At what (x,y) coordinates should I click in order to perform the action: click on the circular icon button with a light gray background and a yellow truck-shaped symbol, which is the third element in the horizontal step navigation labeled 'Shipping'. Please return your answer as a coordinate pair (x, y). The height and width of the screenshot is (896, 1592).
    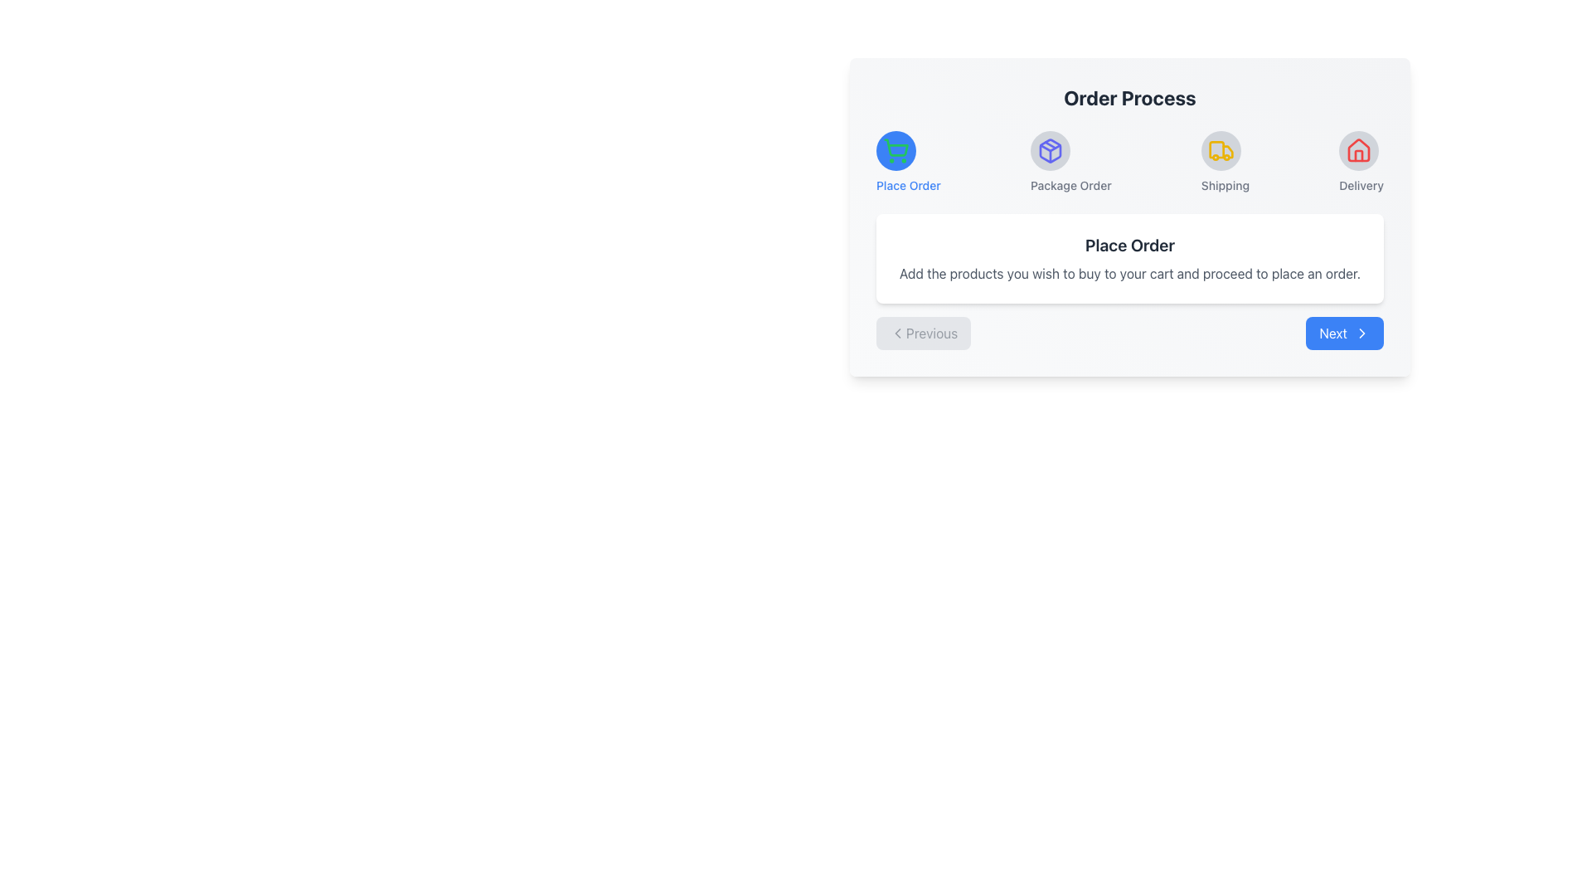
    Looking at the image, I should click on (1221, 150).